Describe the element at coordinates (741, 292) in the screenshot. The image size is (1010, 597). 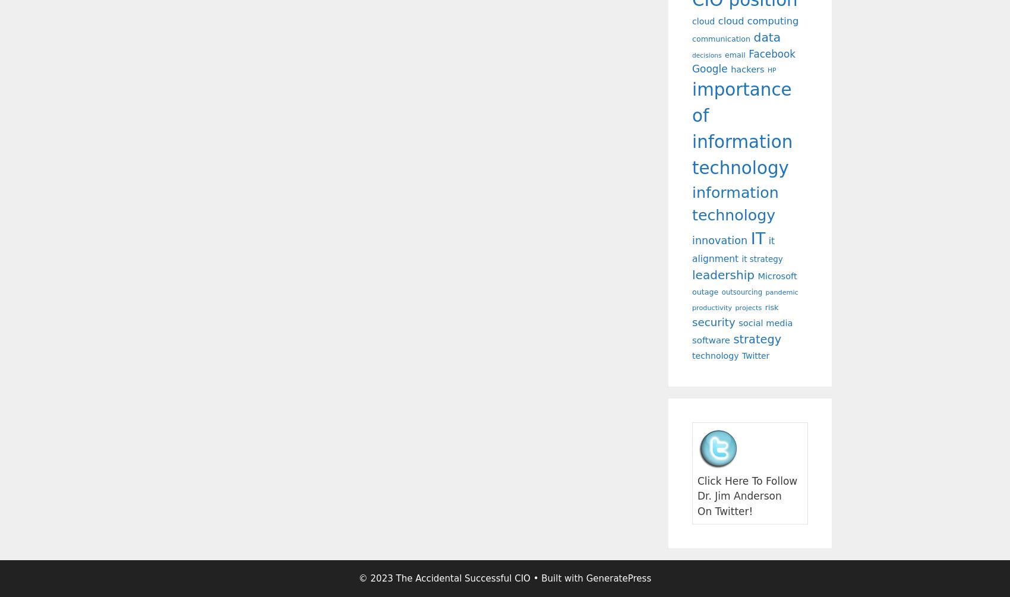
I see `'outsourcing'` at that location.